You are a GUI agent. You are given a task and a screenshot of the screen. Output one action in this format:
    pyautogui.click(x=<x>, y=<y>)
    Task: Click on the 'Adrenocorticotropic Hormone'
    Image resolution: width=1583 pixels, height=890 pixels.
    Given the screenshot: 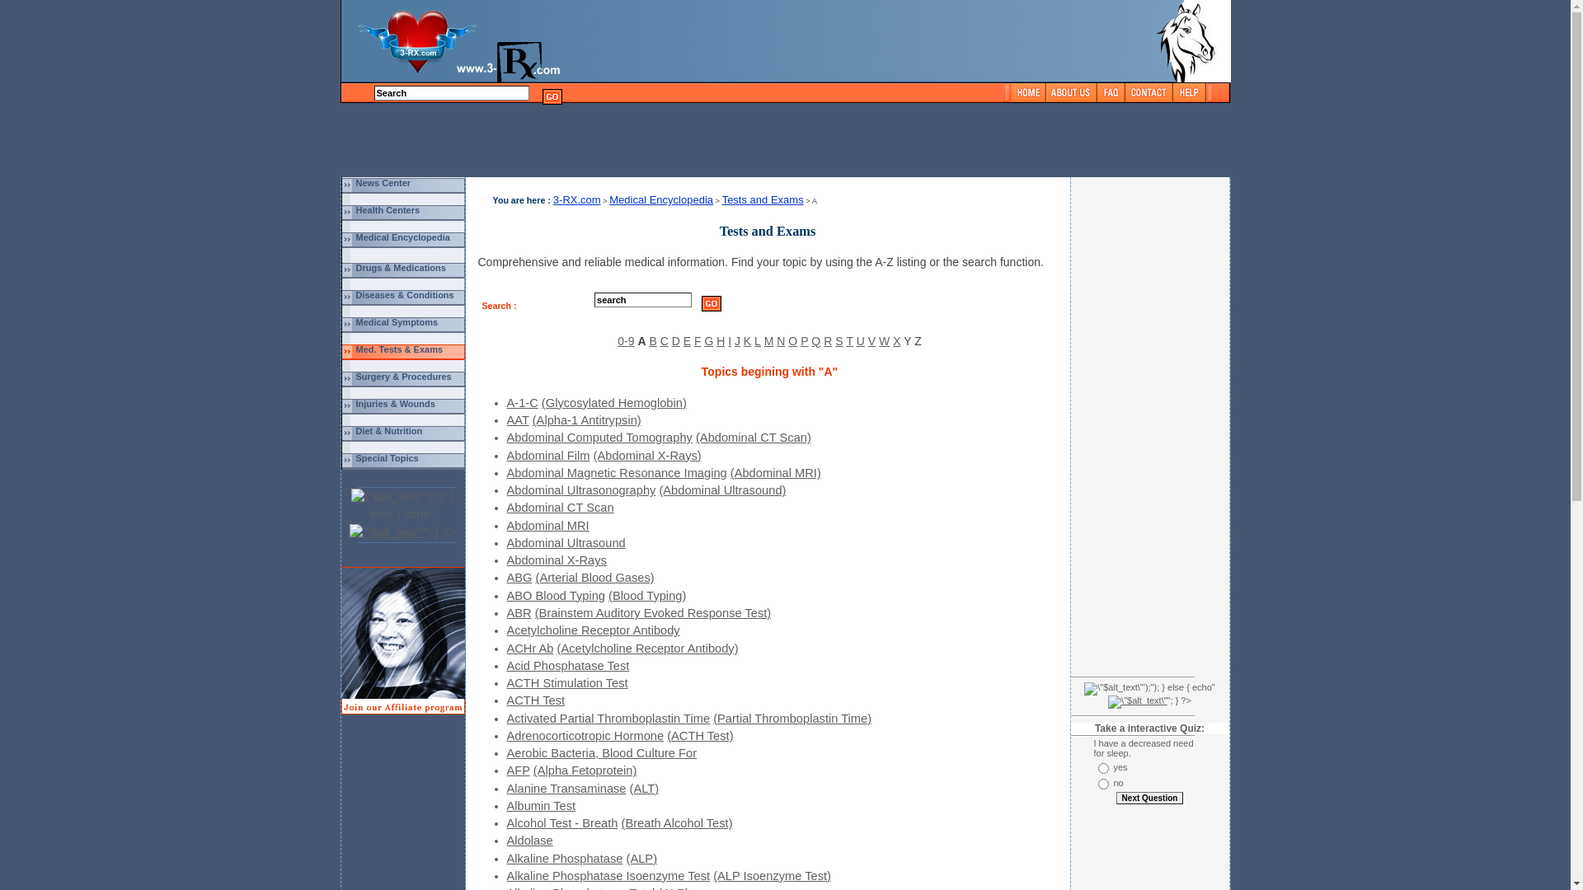 What is the action you would take?
    pyautogui.click(x=585, y=735)
    